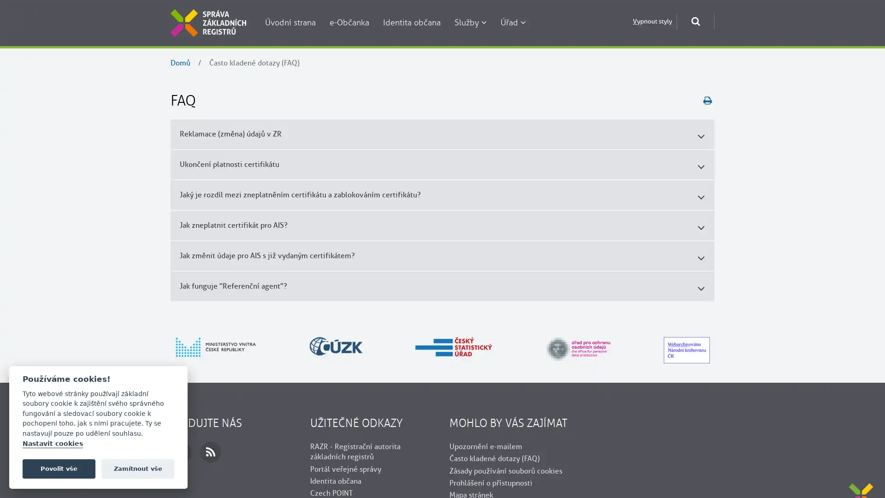  What do you see at coordinates (137, 468) in the screenshot?
I see `Zamitnout vse` at bounding box center [137, 468].